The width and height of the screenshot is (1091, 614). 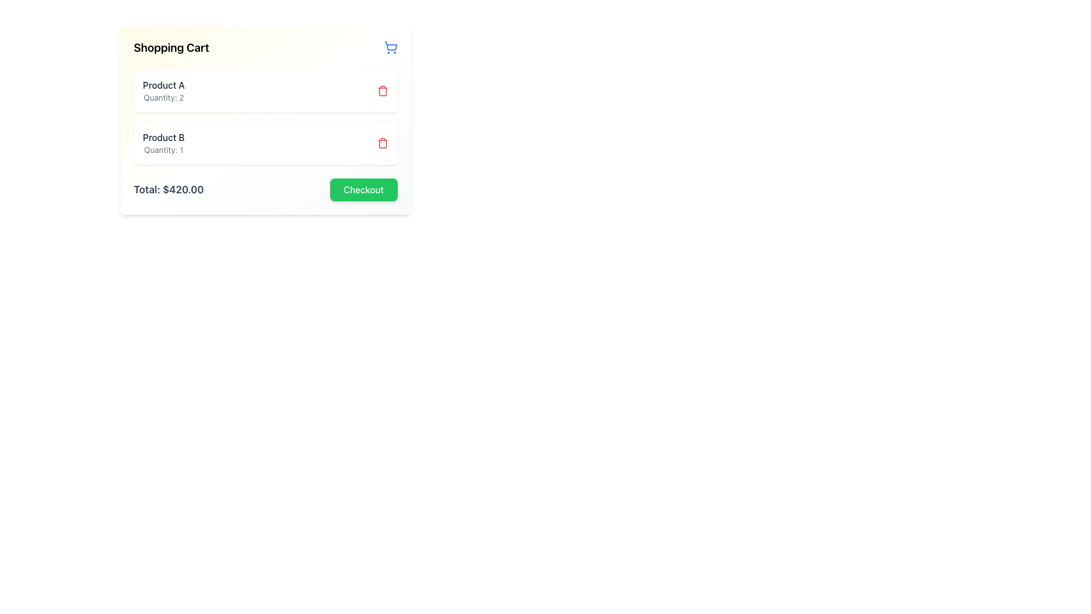 What do you see at coordinates (163, 90) in the screenshot?
I see `the text display component showing 'Product A' with subtitle 'Quantity: 2' in the shopping cart section` at bounding box center [163, 90].